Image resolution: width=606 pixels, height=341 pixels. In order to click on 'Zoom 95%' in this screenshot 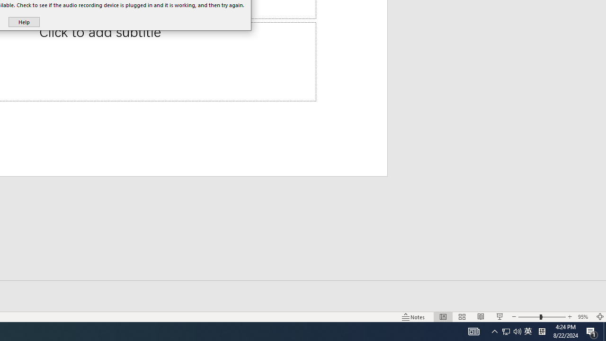, I will do `click(584, 317)`.